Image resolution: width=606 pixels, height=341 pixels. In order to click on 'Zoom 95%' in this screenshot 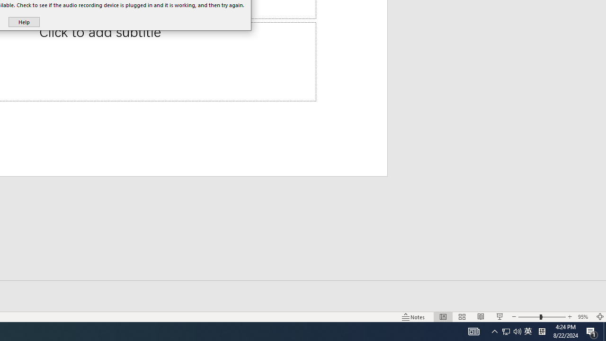, I will do `click(584, 317)`.